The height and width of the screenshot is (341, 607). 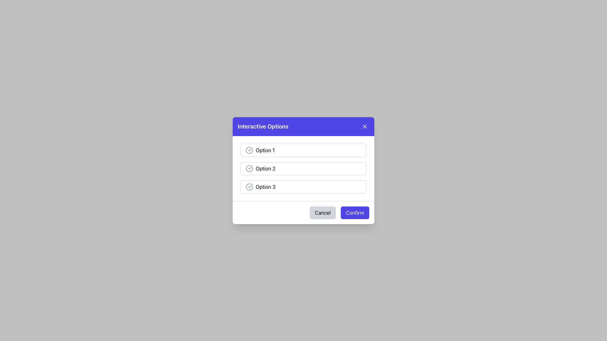 I want to click on the checkmark icon within the second option entry of the 'Interactive Options' box, which is styled with a hollow outline and is adjacent to the label 'Option 2', so click(x=250, y=167).